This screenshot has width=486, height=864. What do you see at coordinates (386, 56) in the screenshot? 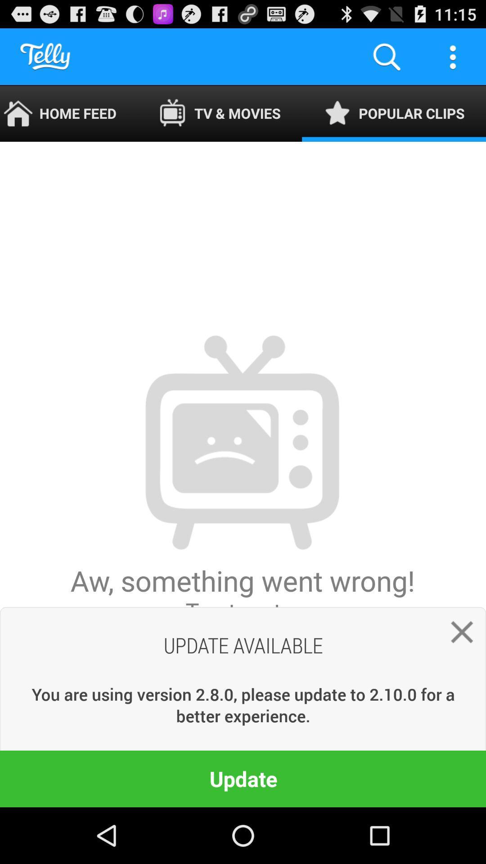
I see `the item to the right of the tv & movies app` at bounding box center [386, 56].